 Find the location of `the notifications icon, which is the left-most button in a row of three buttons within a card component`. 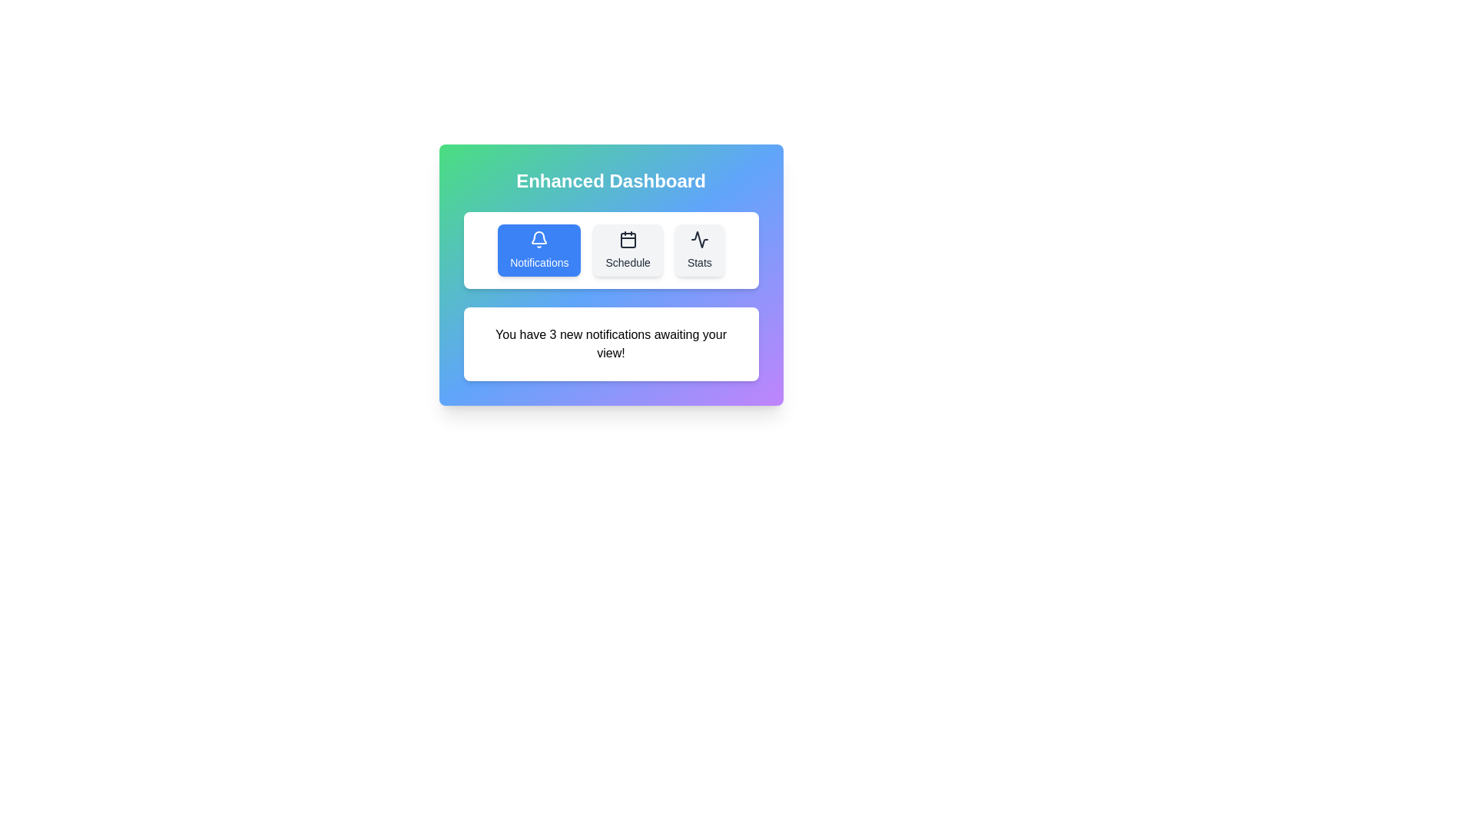

the notifications icon, which is the left-most button in a row of three buttons within a card component is located at coordinates (539, 240).